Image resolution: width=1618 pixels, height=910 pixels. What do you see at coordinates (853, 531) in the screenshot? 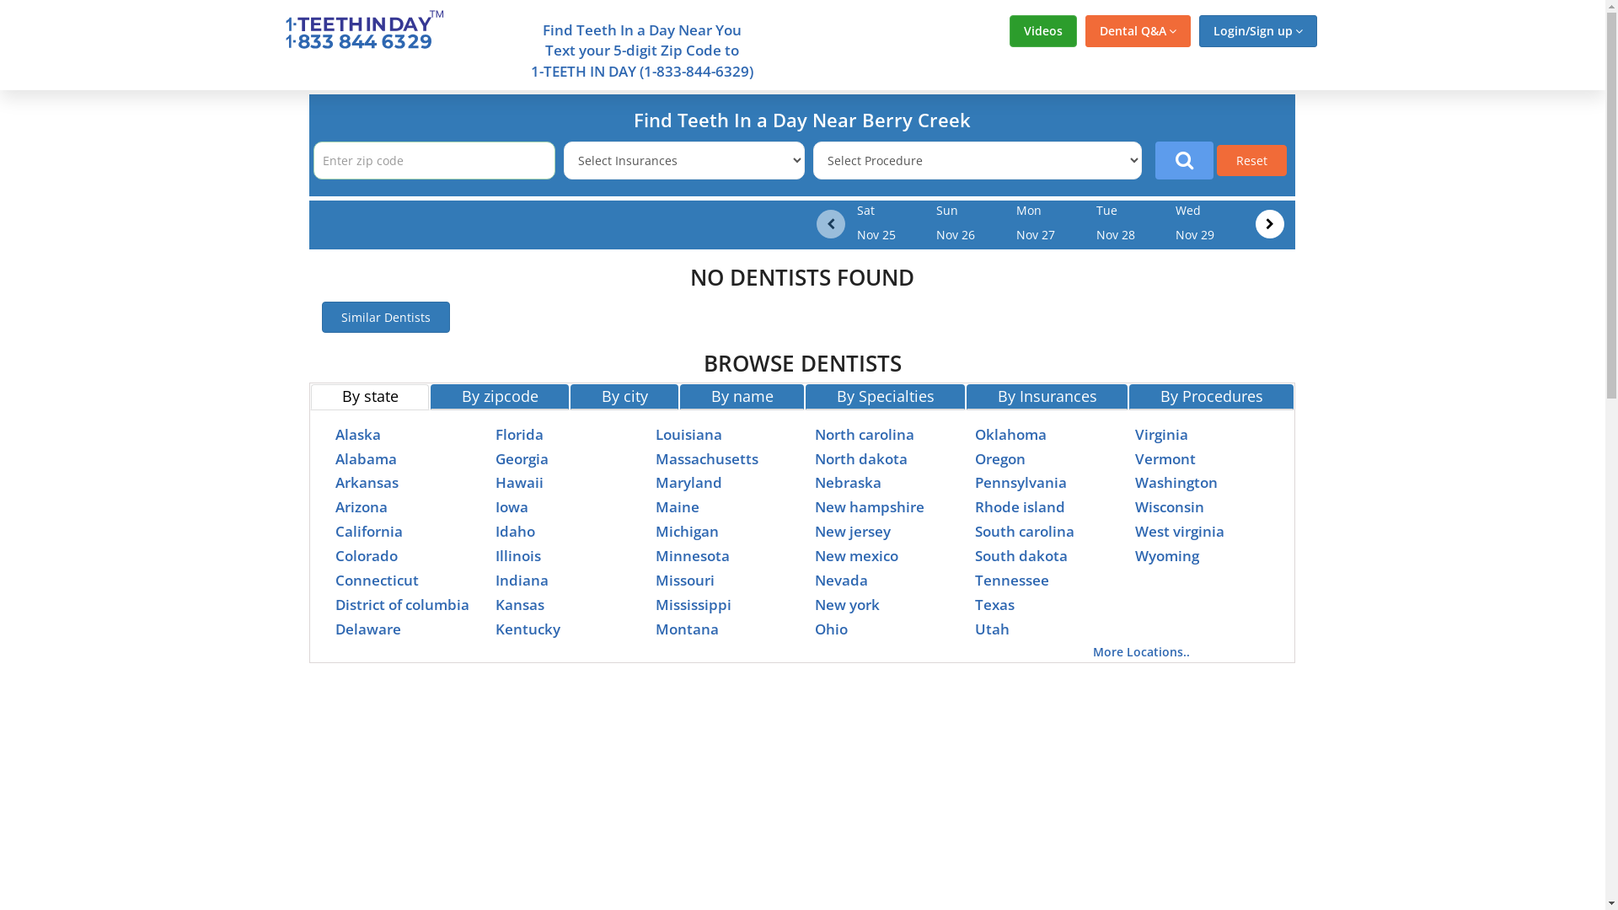
I see `'New jersey'` at bounding box center [853, 531].